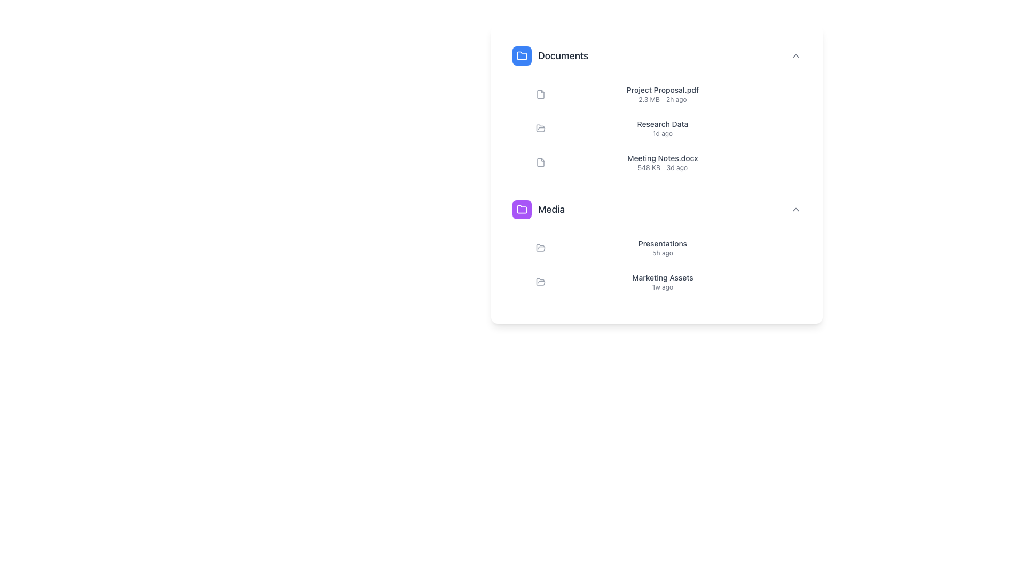  I want to click on the downward-facing gray chevron icon located at the far right of the 'Media' section, so click(796, 210).